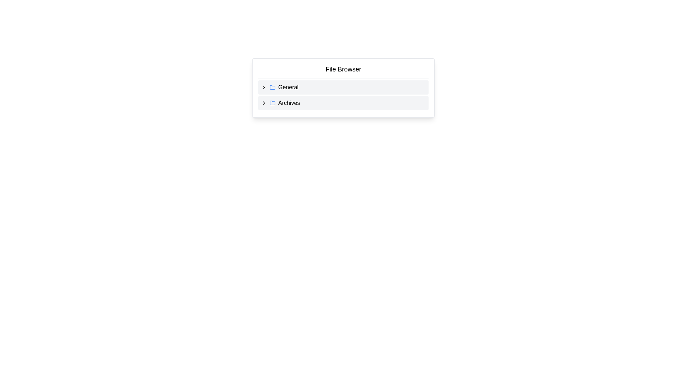  I want to click on the Chevron icon located to the left of the 'Archives' folder icon in the file browser interface, so click(263, 103).